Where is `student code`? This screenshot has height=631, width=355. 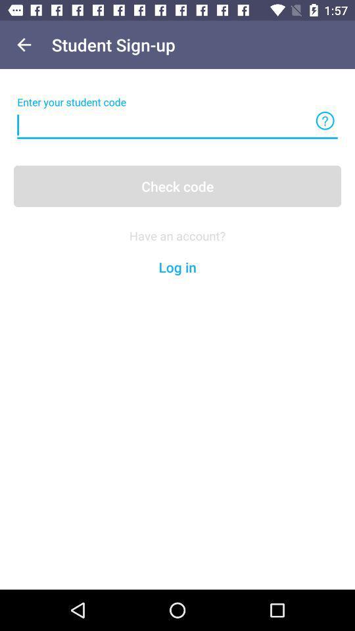
student code is located at coordinates (177, 125).